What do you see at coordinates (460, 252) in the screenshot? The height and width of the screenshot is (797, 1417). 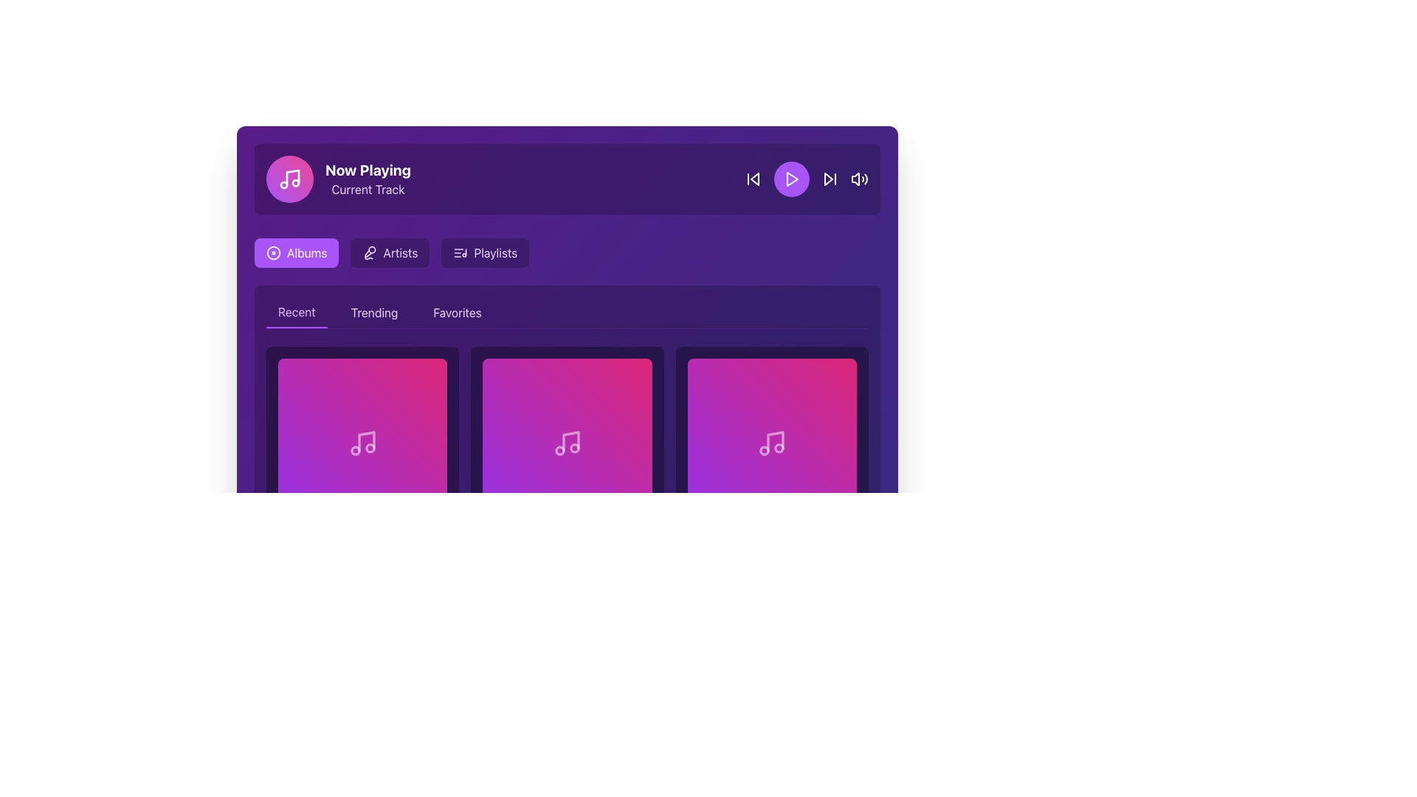 I see `the 'Playlists' icon in the navigation menu, which is visually represented and located adjacent to the 'Playlists' text label` at bounding box center [460, 252].